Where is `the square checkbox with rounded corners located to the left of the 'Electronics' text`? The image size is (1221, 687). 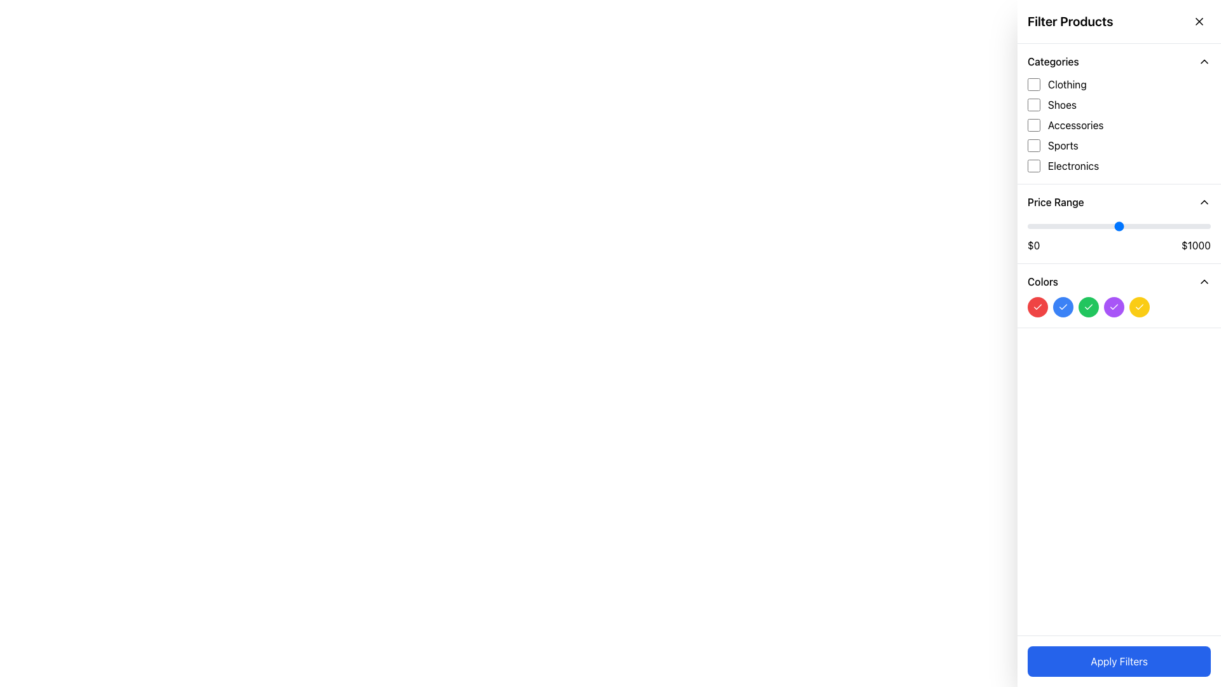
the square checkbox with rounded corners located to the left of the 'Electronics' text is located at coordinates (1034, 165).